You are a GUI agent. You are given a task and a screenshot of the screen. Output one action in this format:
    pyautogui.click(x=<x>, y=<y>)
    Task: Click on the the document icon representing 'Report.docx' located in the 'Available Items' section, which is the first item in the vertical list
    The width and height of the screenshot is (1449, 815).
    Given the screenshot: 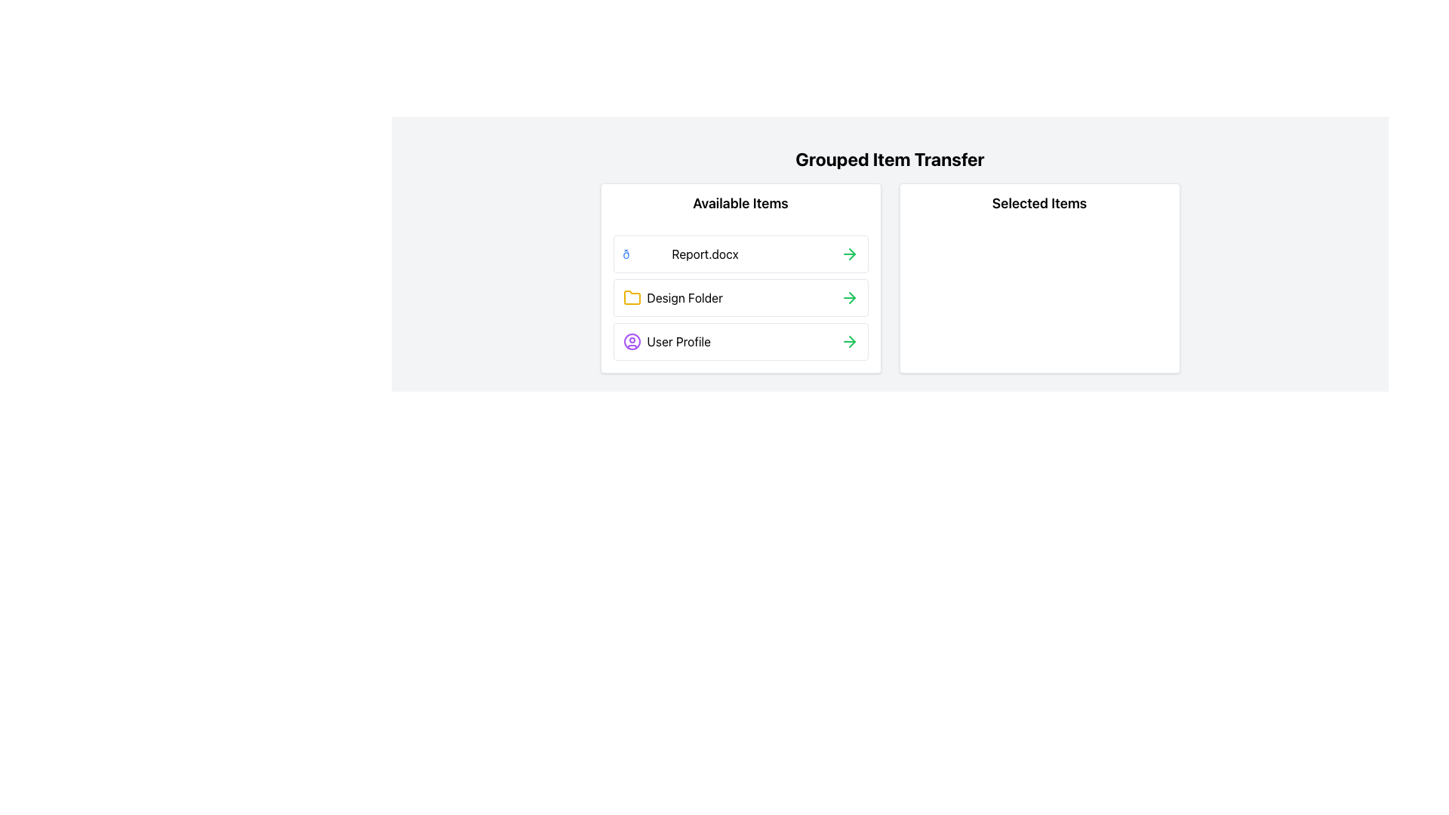 What is the action you would take?
    pyautogui.click(x=645, y=253)
    